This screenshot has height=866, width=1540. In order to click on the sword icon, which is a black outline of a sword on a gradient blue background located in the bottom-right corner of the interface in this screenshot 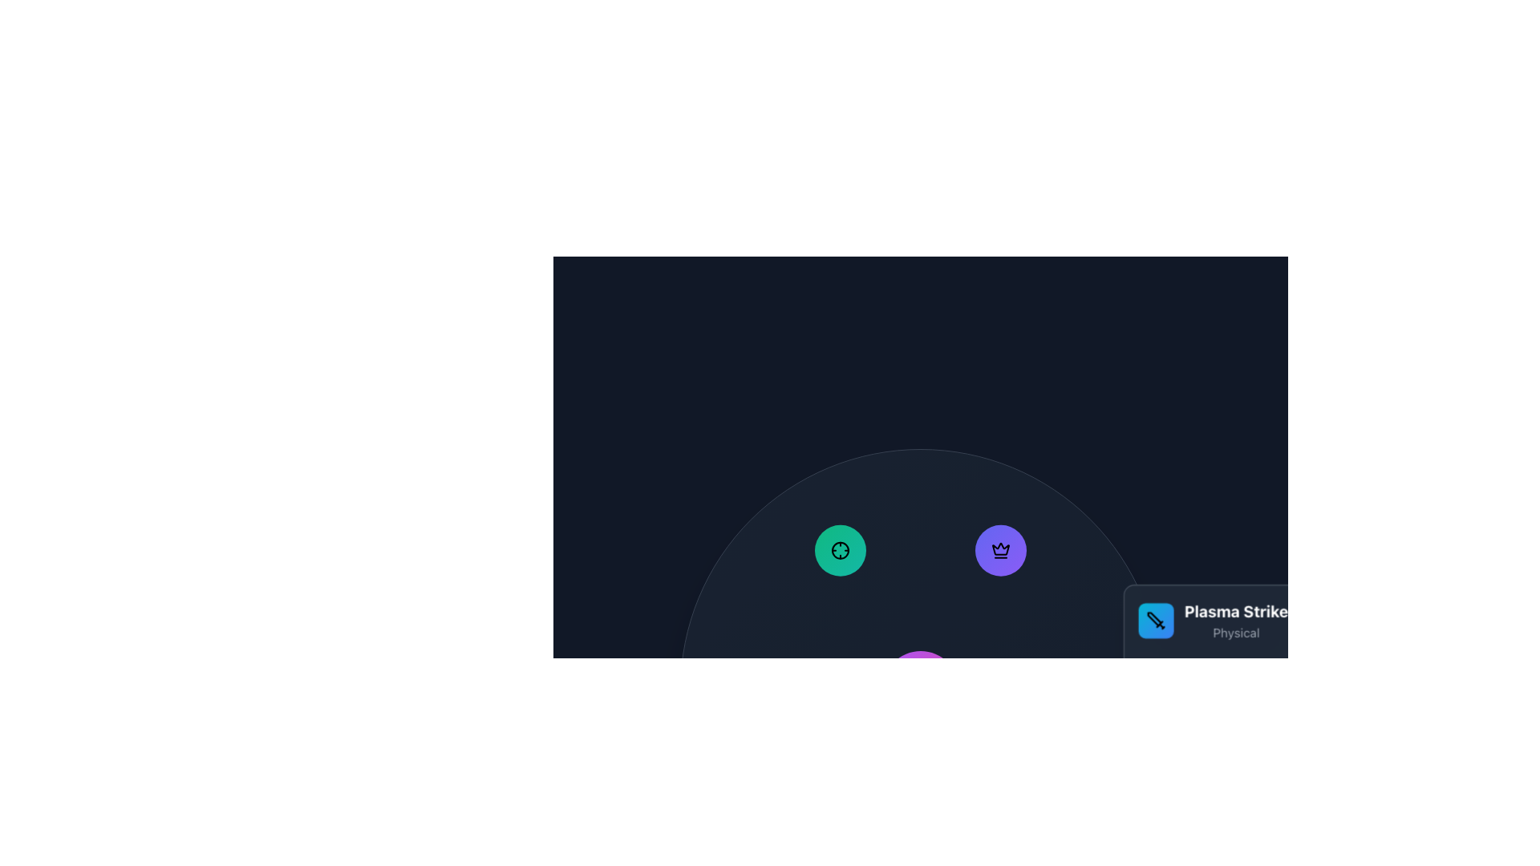, I will do `click(1156, 620)`.